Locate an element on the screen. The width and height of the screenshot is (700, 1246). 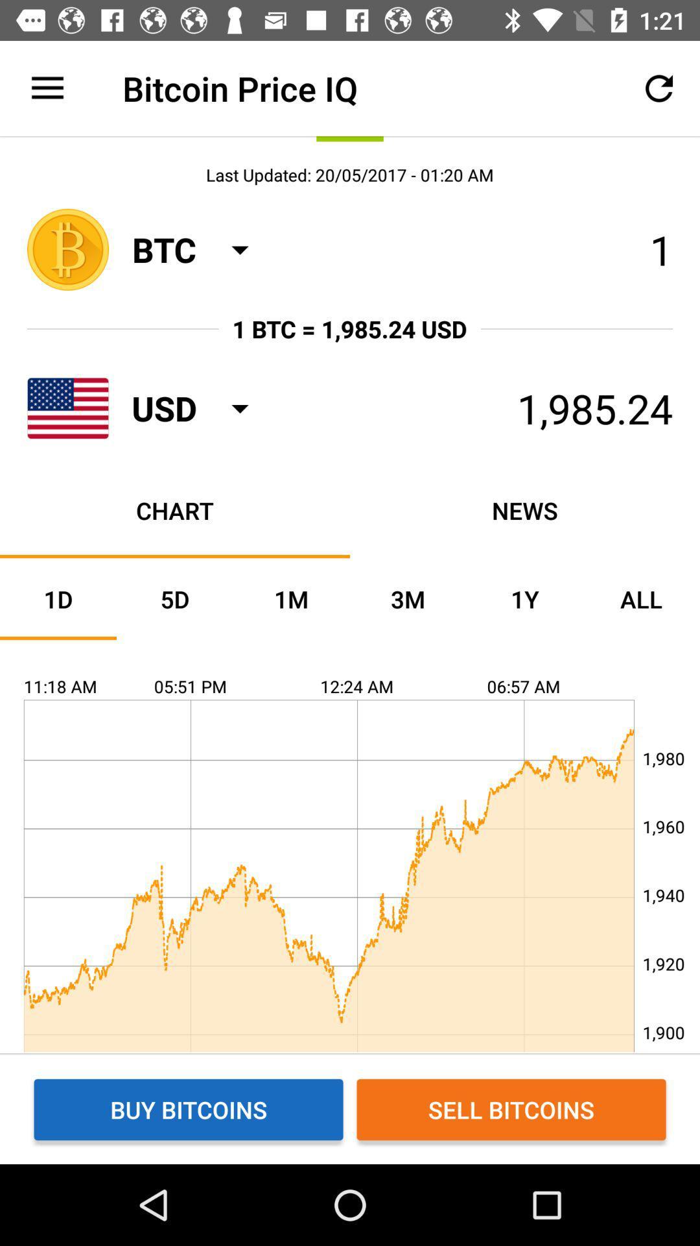
item to the right of the bitcoin price iq is located at coordinates (659, 88).